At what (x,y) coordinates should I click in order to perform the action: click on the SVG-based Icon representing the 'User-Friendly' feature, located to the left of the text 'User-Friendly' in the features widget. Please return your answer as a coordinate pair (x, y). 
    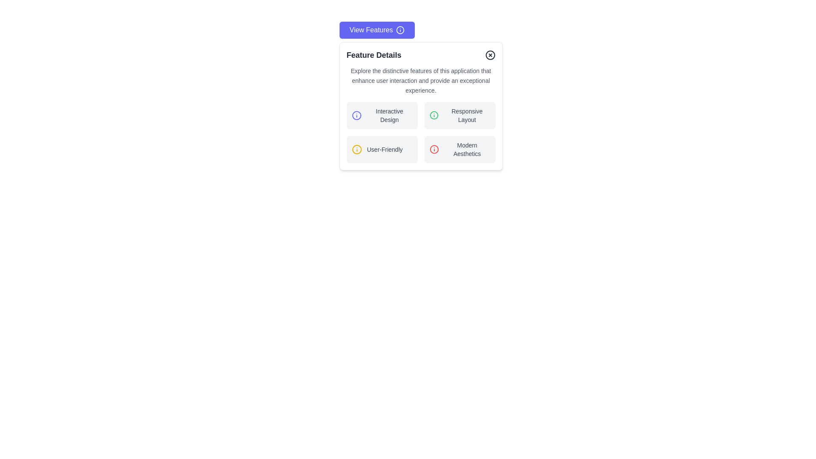
    Looking at the image, I should click on (357, 149).